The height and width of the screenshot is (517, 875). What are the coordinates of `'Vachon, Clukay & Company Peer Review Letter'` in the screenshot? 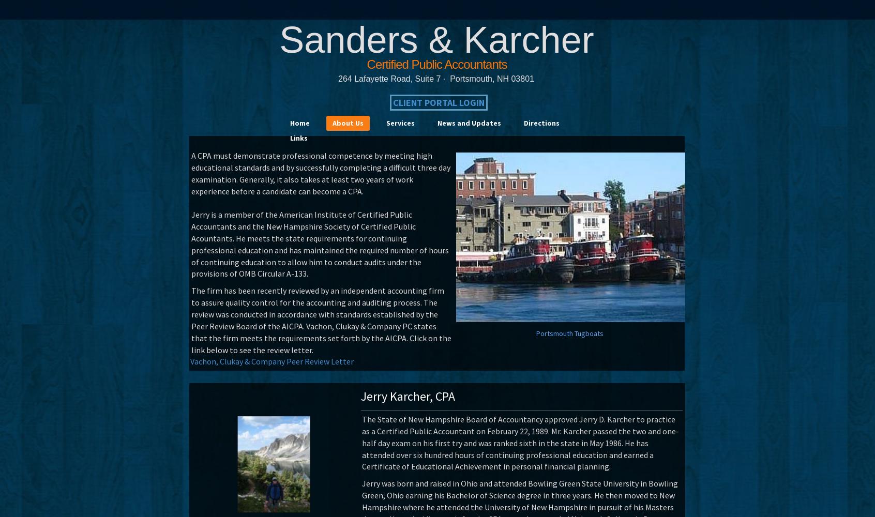 It's located at (271, 361).